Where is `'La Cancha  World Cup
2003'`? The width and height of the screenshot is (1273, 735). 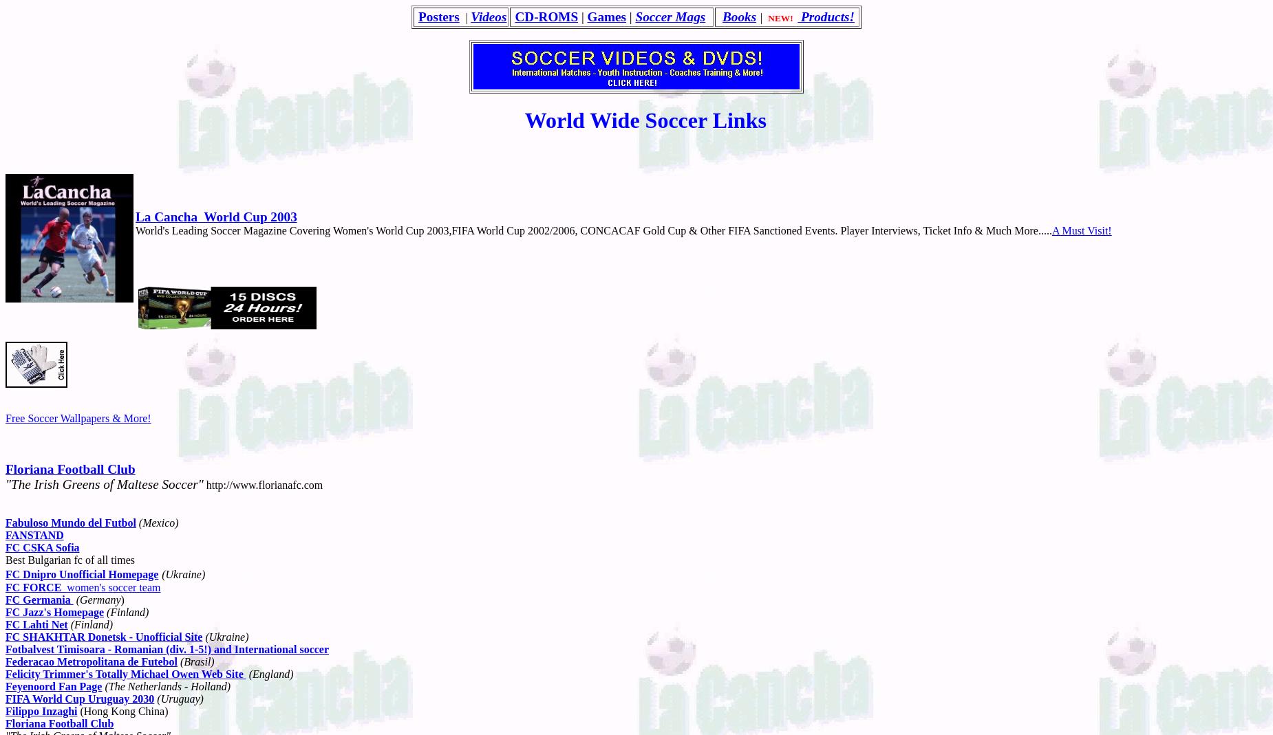 'La Cancha  World Cup
2003' is located at coordinates (215, 215).